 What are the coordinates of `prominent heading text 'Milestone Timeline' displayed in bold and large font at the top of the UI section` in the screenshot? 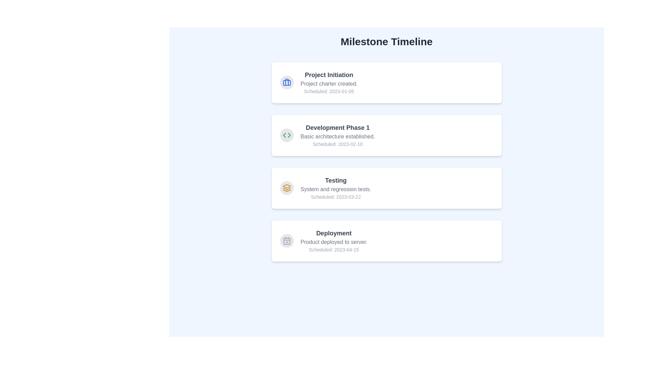 It's located at (386, 42).